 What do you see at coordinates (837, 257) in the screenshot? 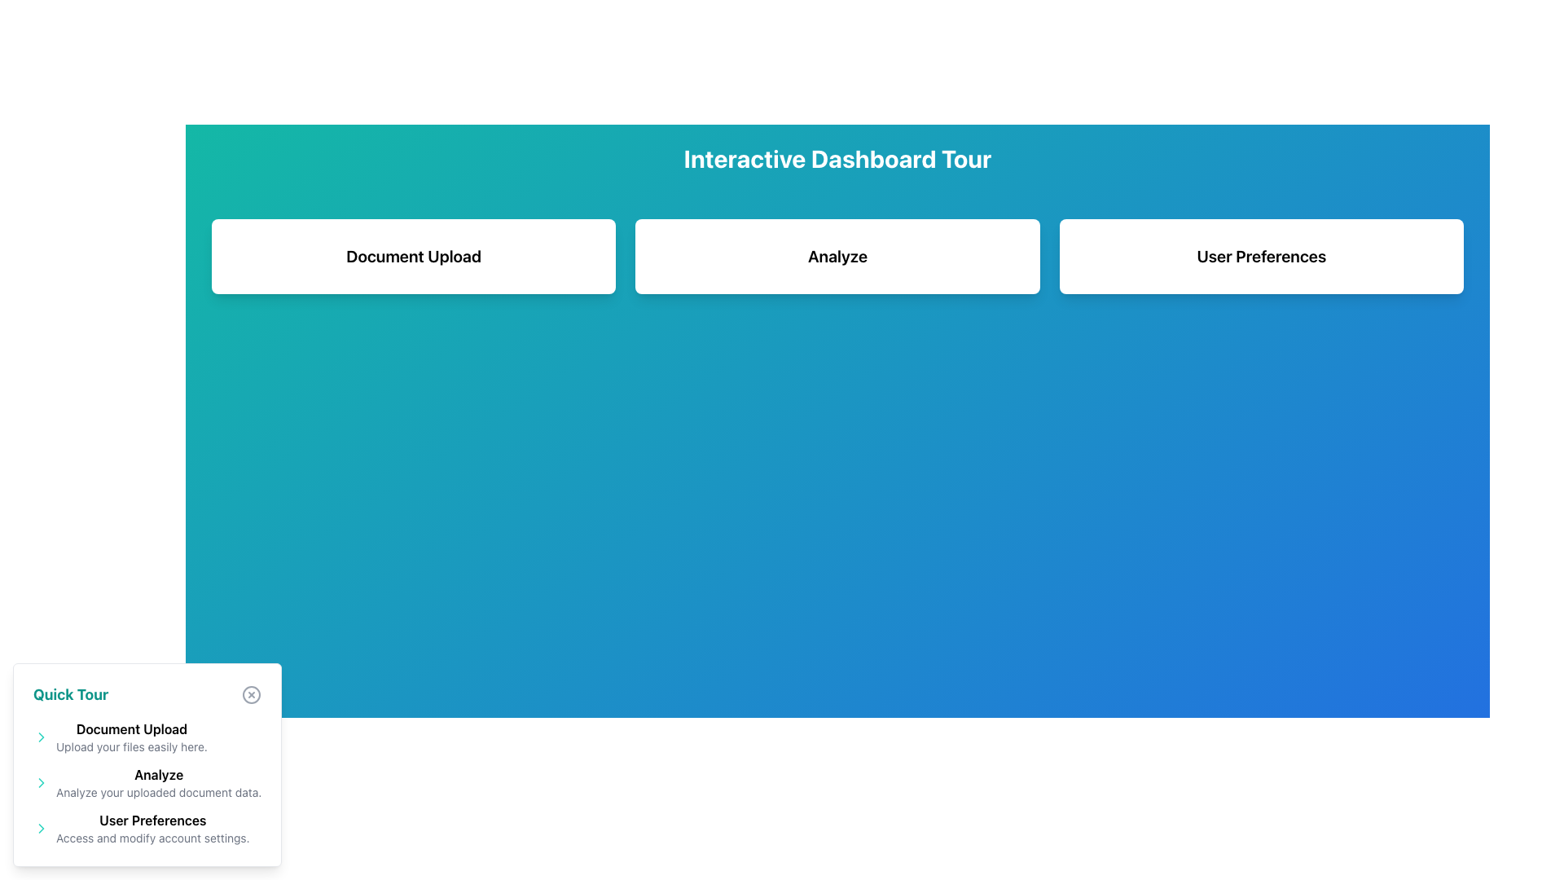
I see `the 'Analyze' static label or header, which is positioned in the center column of the interface, indicating its functionality` at bounding box center [837, 257].